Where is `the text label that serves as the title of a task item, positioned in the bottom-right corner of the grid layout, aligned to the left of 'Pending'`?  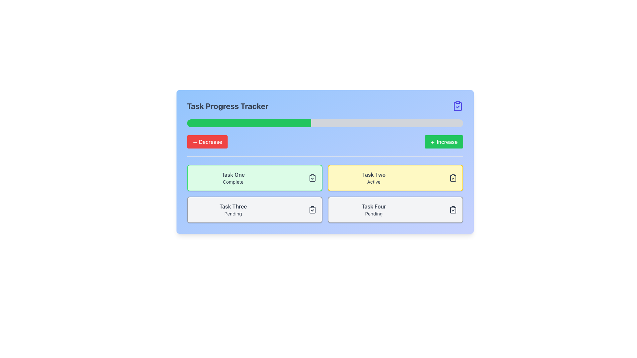
the text label that serves as the title of a task item, positioned in the bottom-right corner of the grid layout, aligned to the left of 'Pending' is located at coordinates (374, 206).